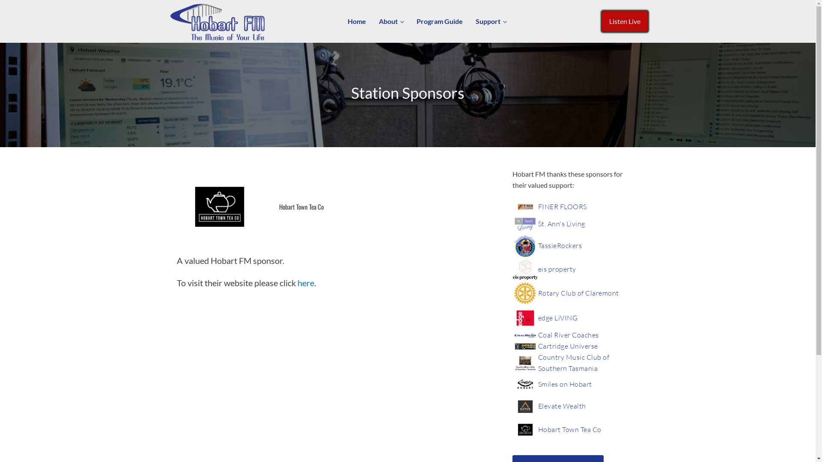 This screenshot has height=462, width=822. I want to click on 'Program Guide', so click(440, 21).